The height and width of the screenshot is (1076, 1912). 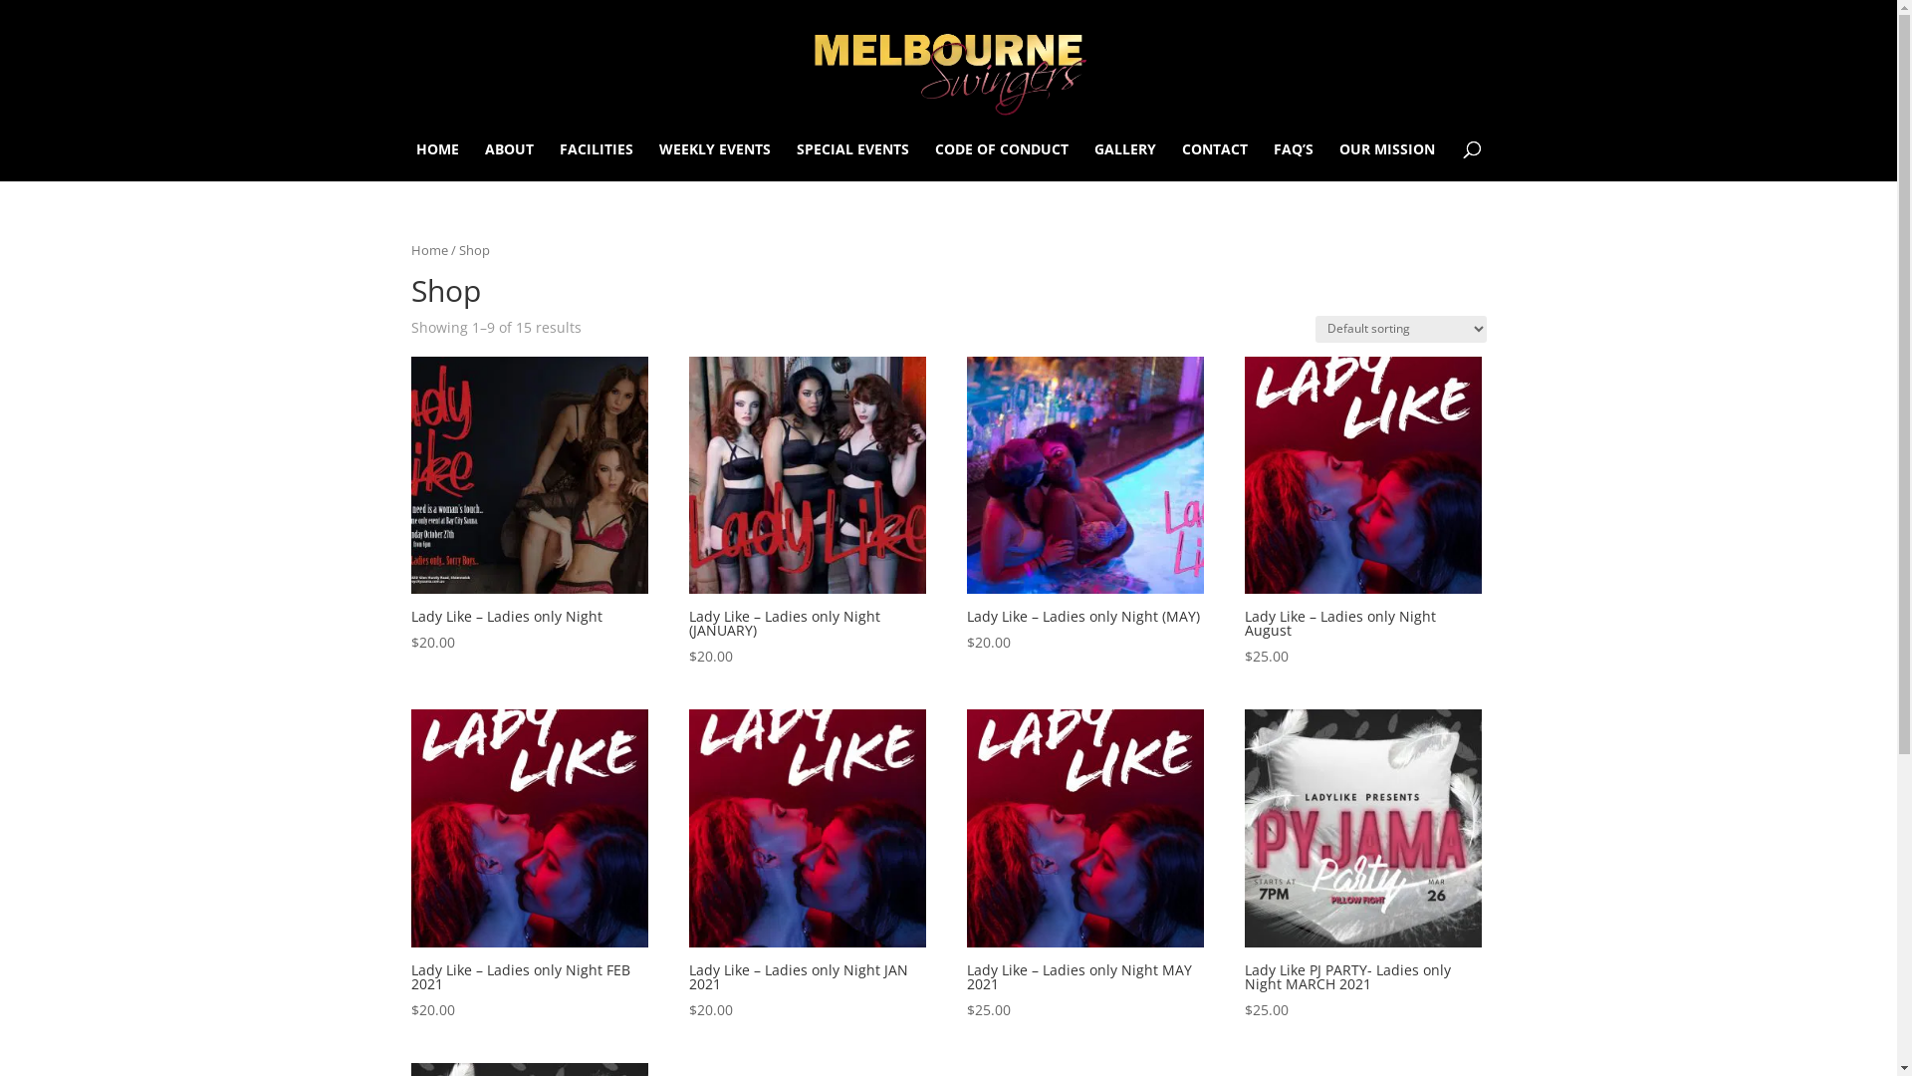 I want to click on 'CONTACT', so click(x=1181, y=160).